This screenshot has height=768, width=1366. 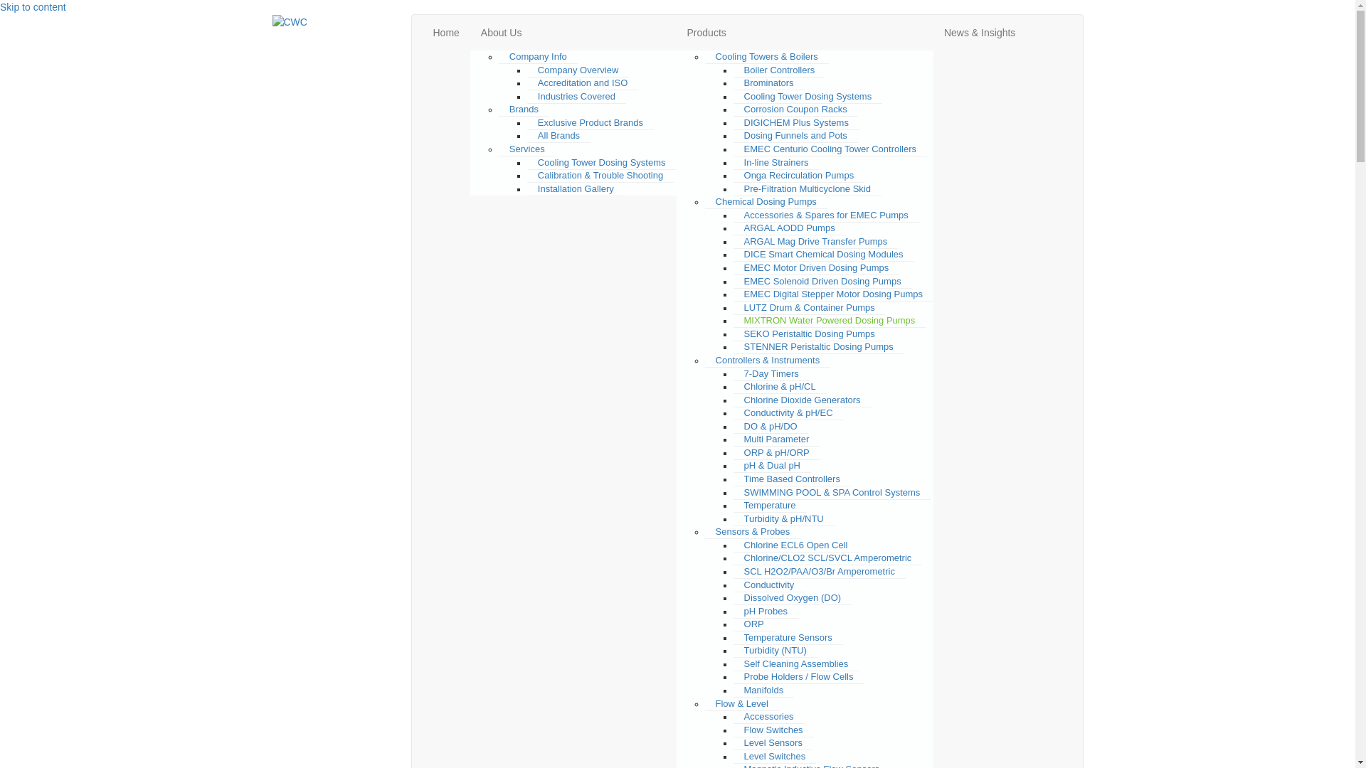 I want to click on 'DIGICHEM Plus Systems', so click(x=795, y=122).